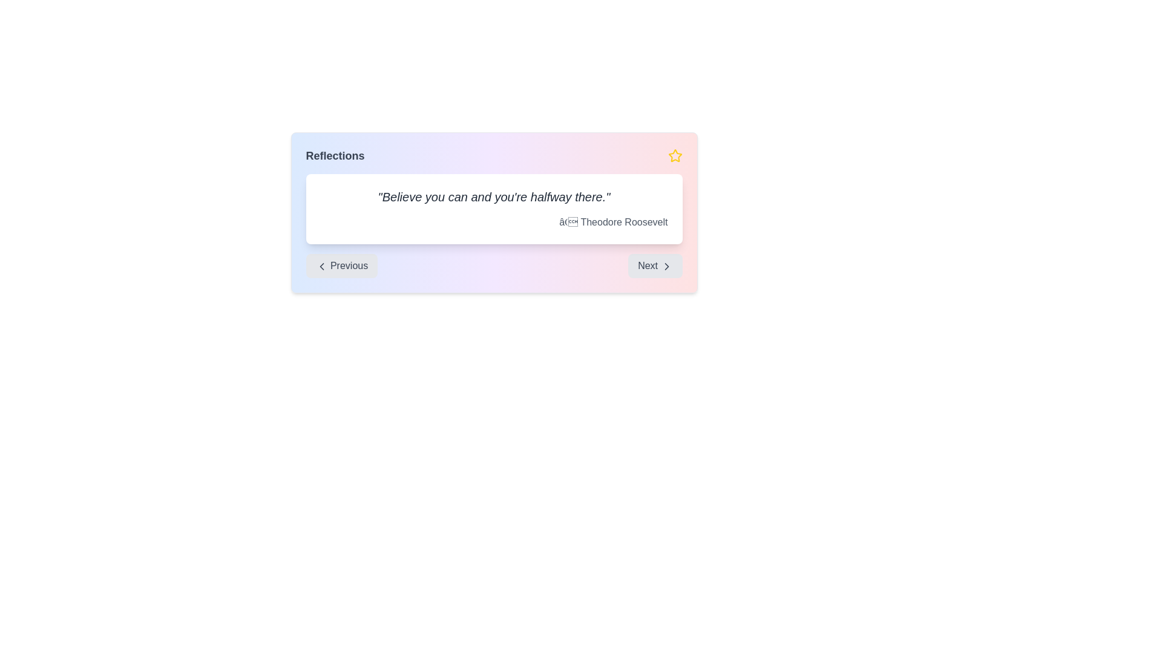  What do you see at coordinates (666, 265) in the screenshot?
I see `the right-chevron icon within the 'Next' button` at bounding box center [666, 265].